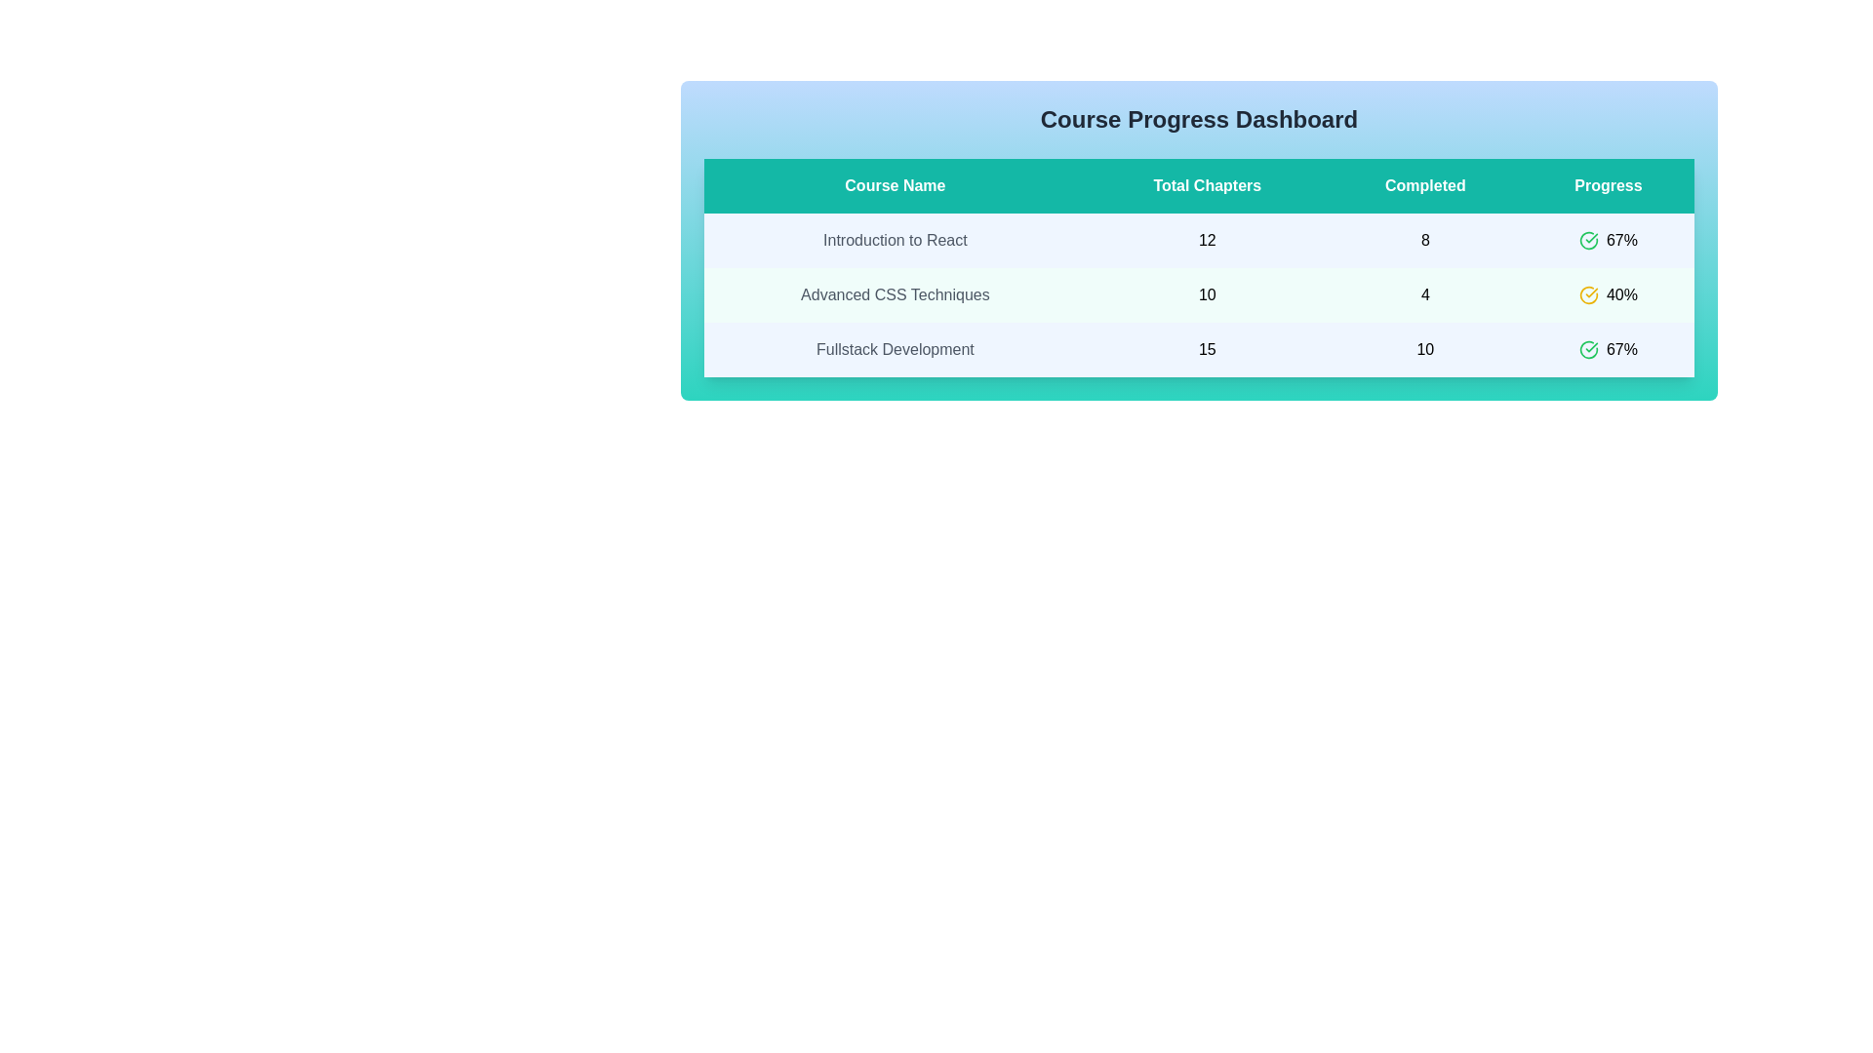  I want to click on the progress icon for the course 'Introduction to React', so click(1588, 239).